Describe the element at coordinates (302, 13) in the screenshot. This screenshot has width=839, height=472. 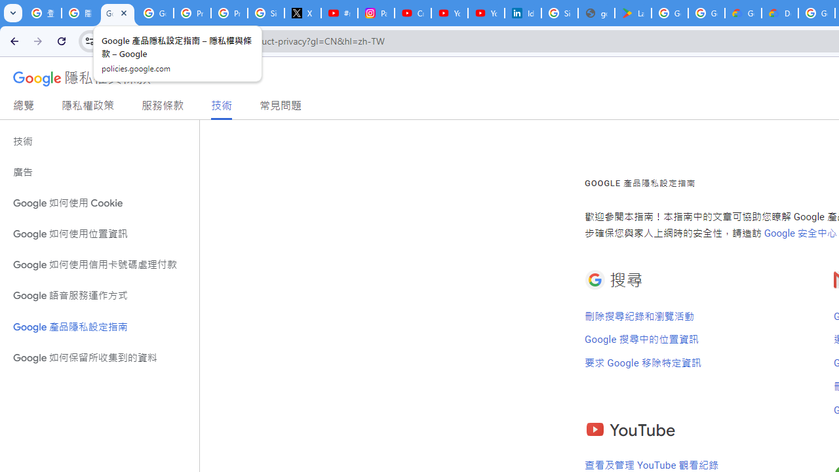
I see `'X'` at that location.